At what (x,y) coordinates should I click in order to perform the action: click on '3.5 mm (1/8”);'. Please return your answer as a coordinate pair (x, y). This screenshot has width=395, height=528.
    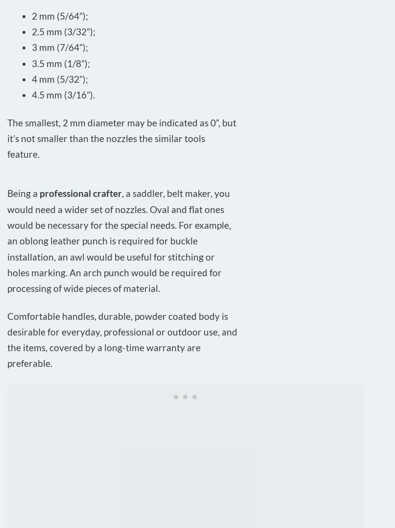
    Looking at the image, I should click on (60, 63).